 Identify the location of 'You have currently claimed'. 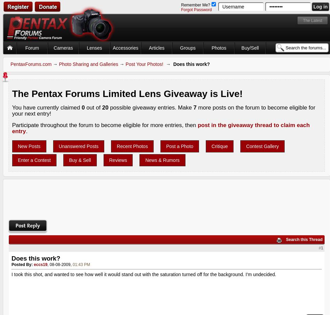
(46, 107).